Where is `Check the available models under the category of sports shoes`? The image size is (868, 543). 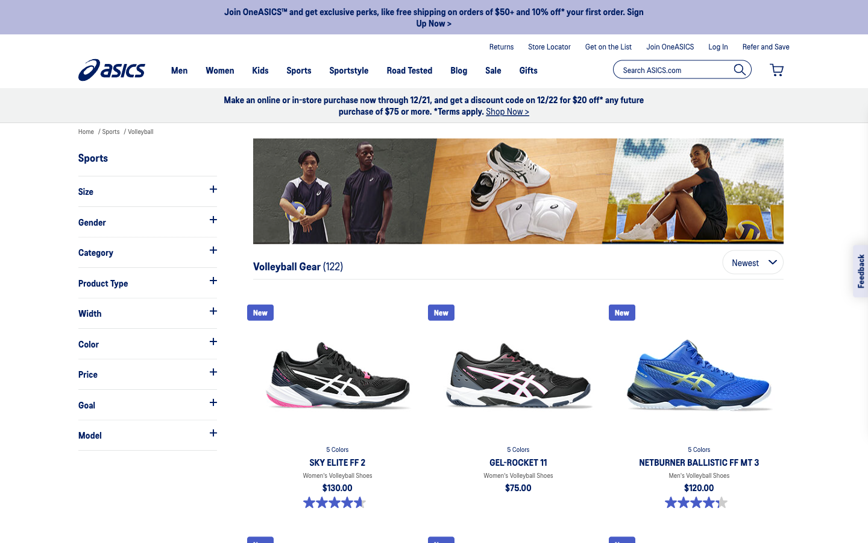 Check the available models under the category of sports shoes is located at coordinates (146, 434).